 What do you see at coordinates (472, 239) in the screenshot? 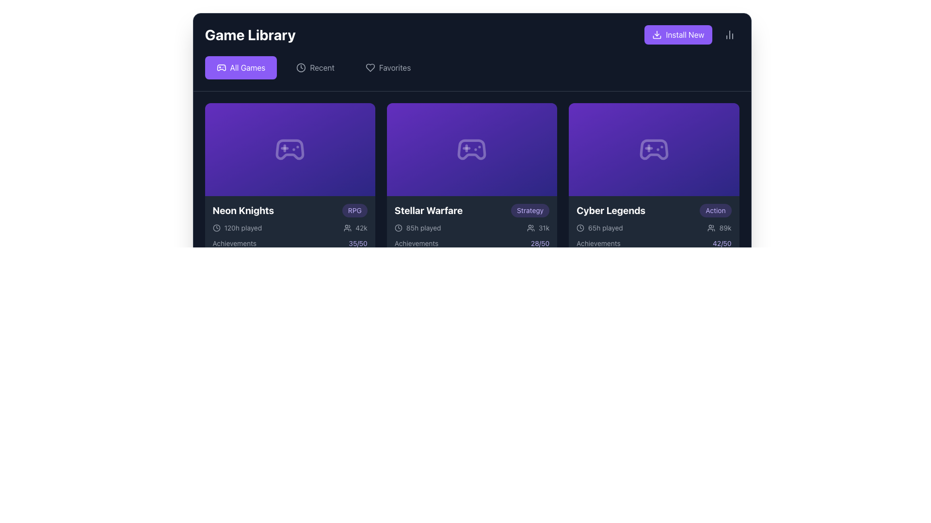
I see `the Informational and progress display panel of the 'Stellar Warfare' game` at bounding box center [472, 239].